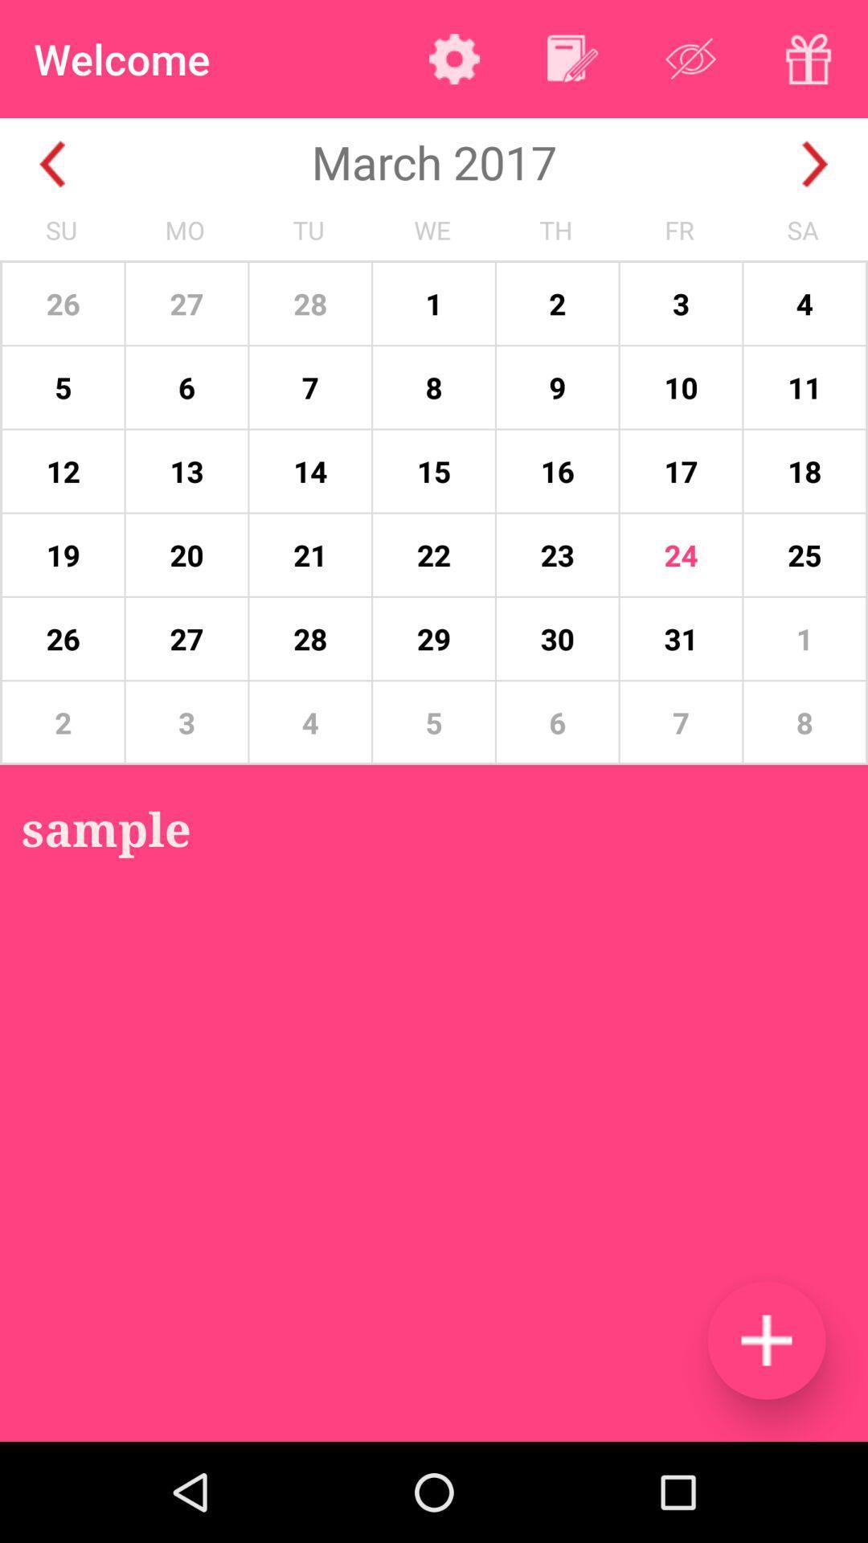 This screenshot has width=868, height=1543. Describe the element at coordinates (571, 59) in the screenshot. I see `write a diary entry` at that location.